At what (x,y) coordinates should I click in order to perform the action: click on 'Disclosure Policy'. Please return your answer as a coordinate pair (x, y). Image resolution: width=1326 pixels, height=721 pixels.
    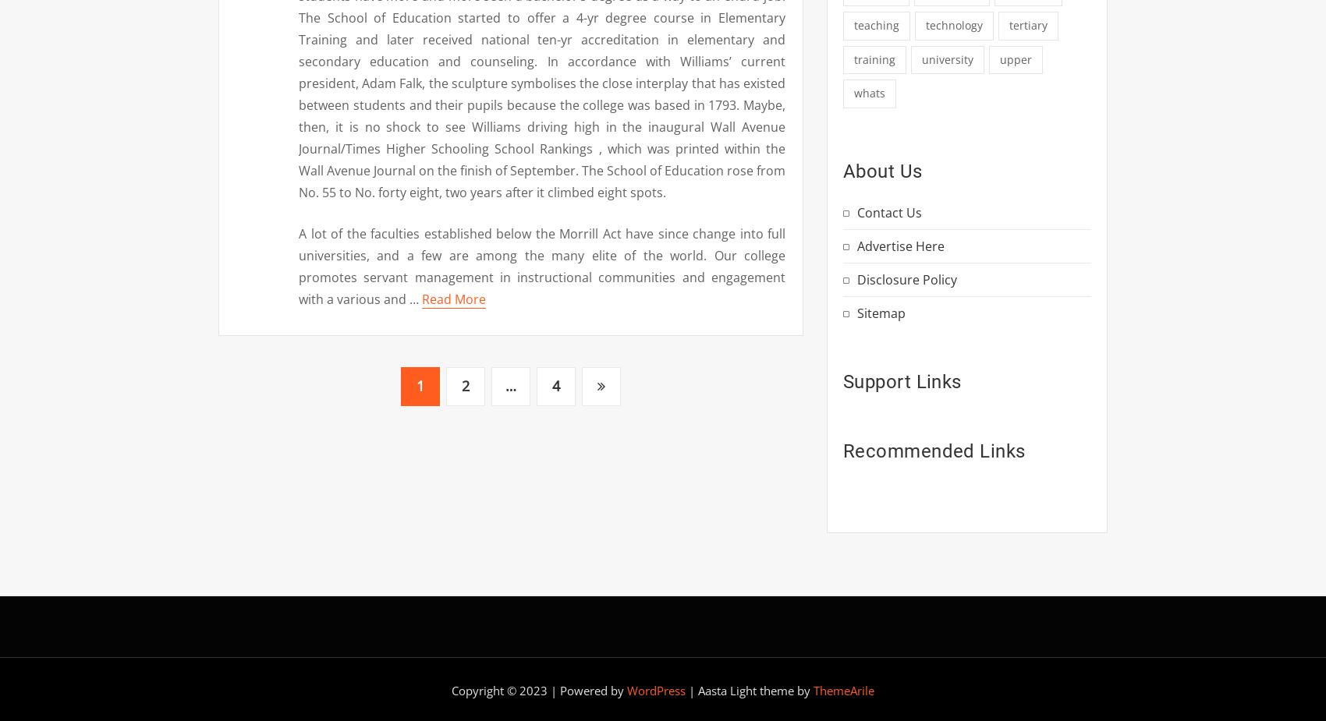
    Looking at the image, I should click on (906, 277).